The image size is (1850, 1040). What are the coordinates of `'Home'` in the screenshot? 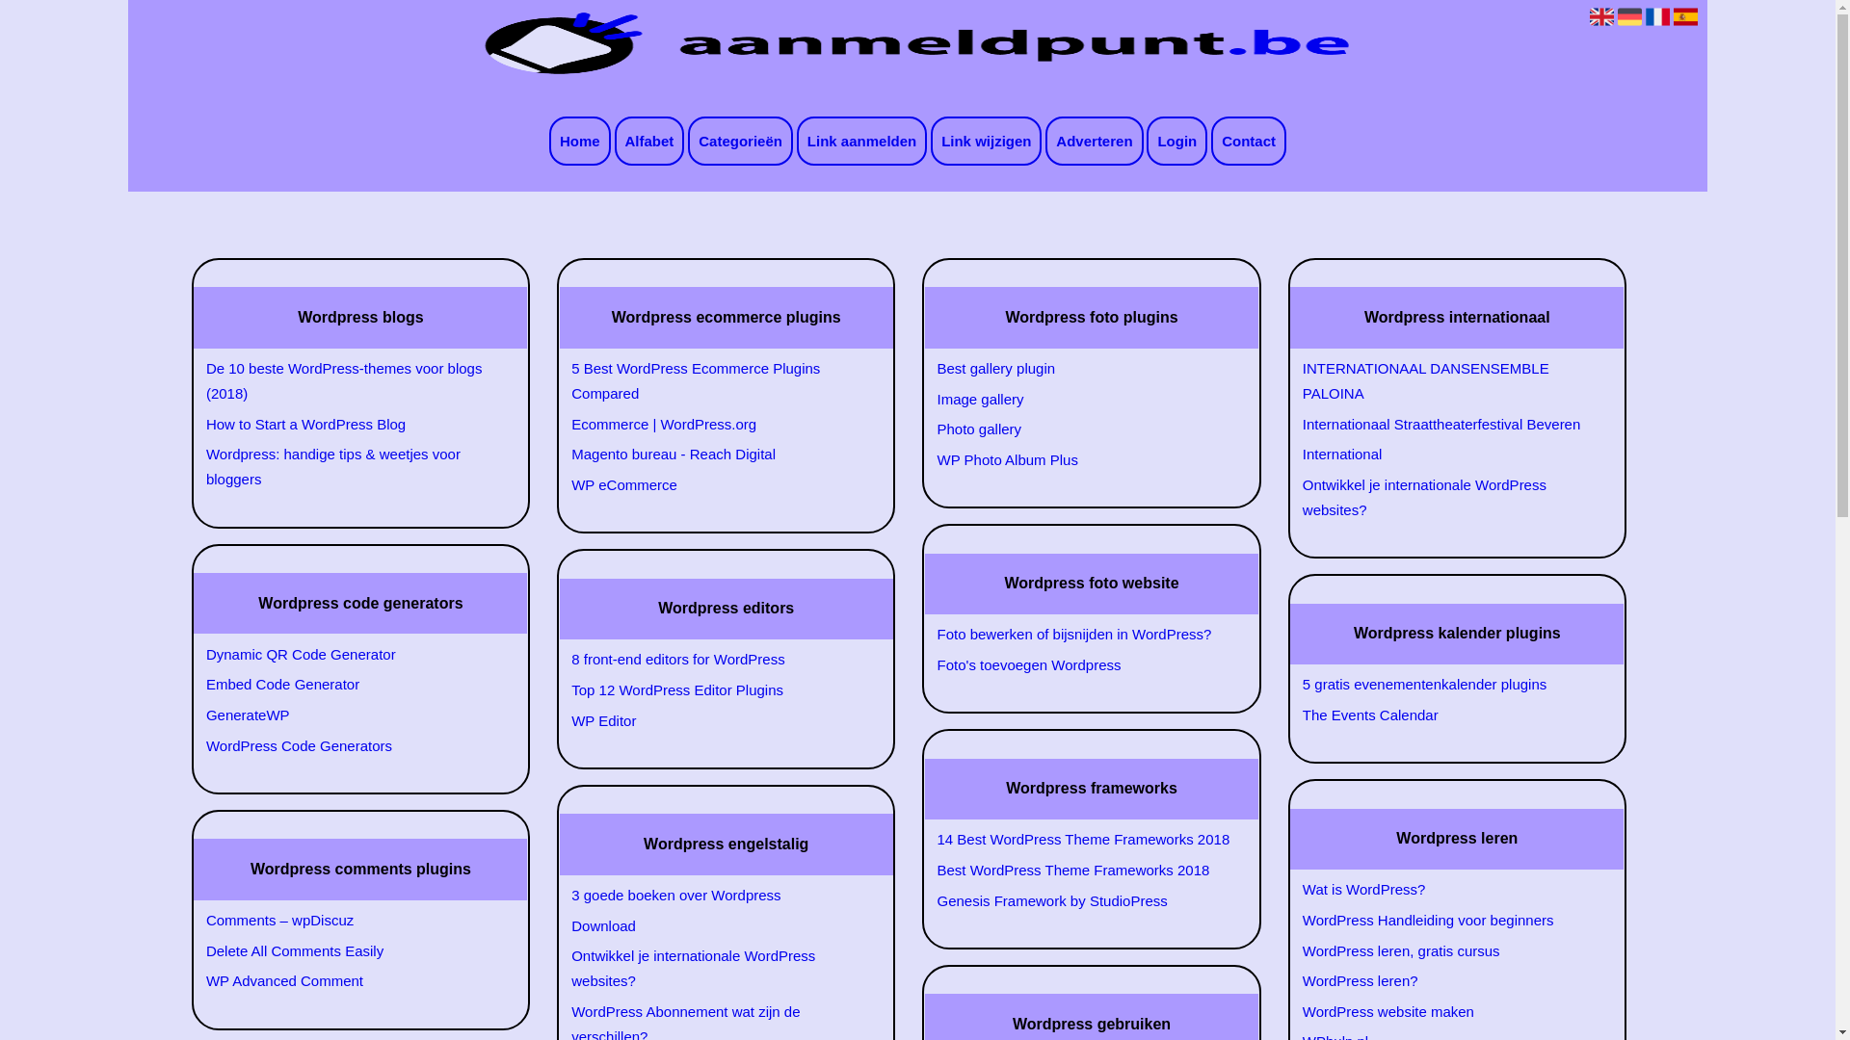 It's located at (578, 140).